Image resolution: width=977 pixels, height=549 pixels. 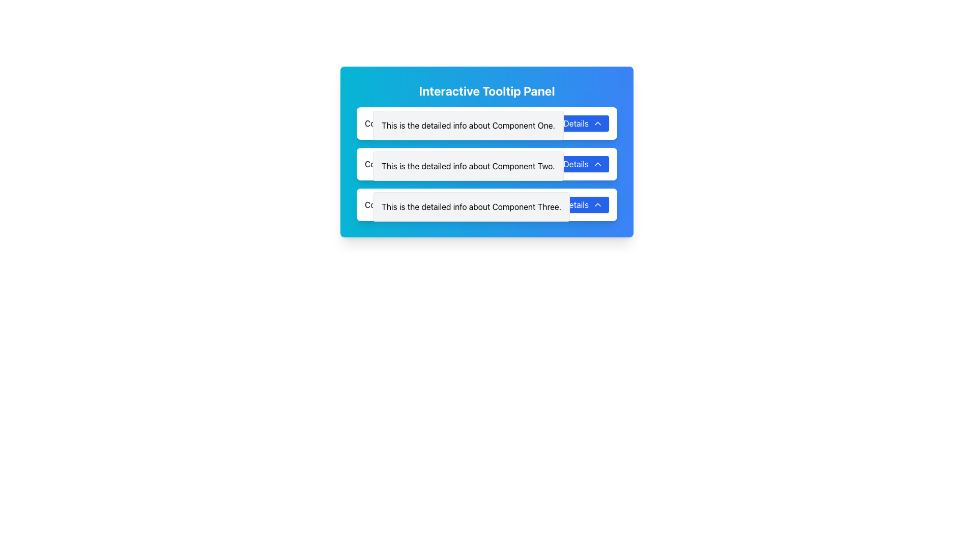 I want to click on the 'Details' button with a blue background and white text, located to the right of the 'Component Two' panel, so click(x=583, y=164).